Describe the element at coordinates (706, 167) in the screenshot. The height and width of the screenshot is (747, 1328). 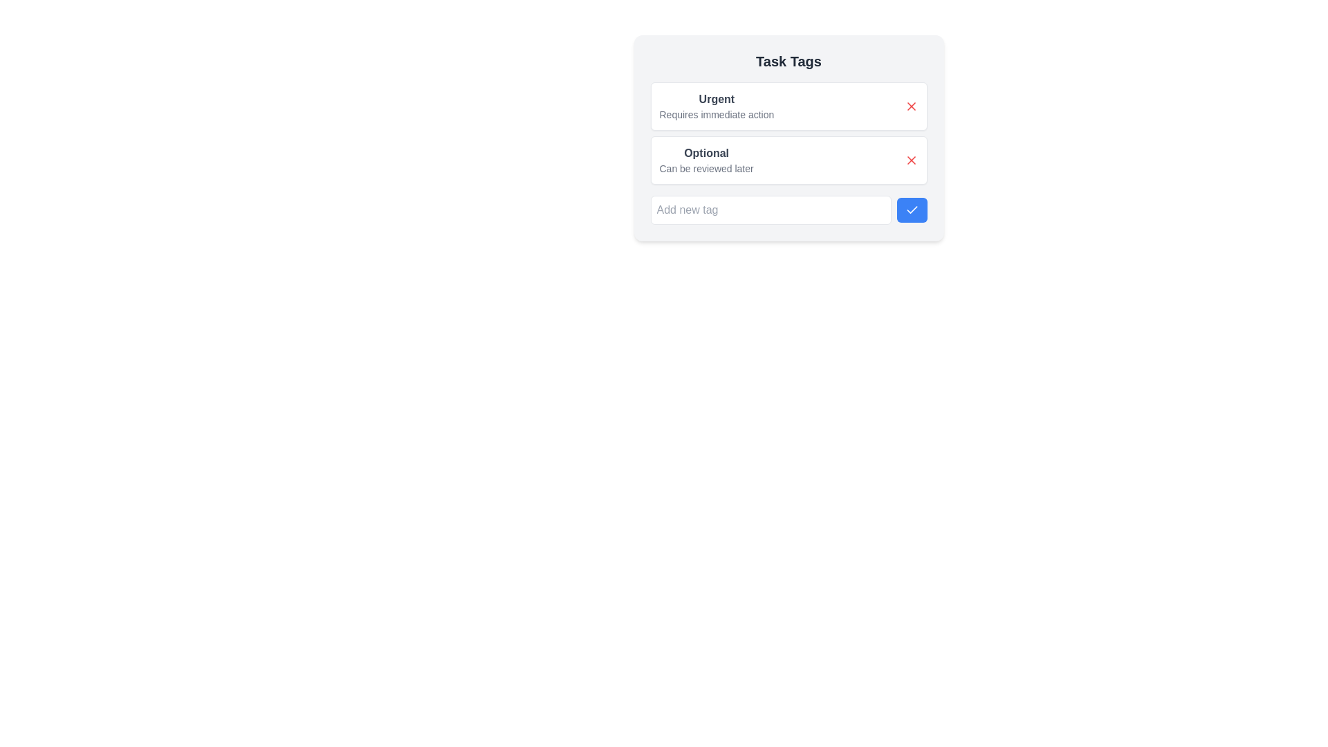
I see `the text element displaying 'Can be reviewed later', which is located below the bold 'Optional' label within the 'Task Tags' card` at that location.